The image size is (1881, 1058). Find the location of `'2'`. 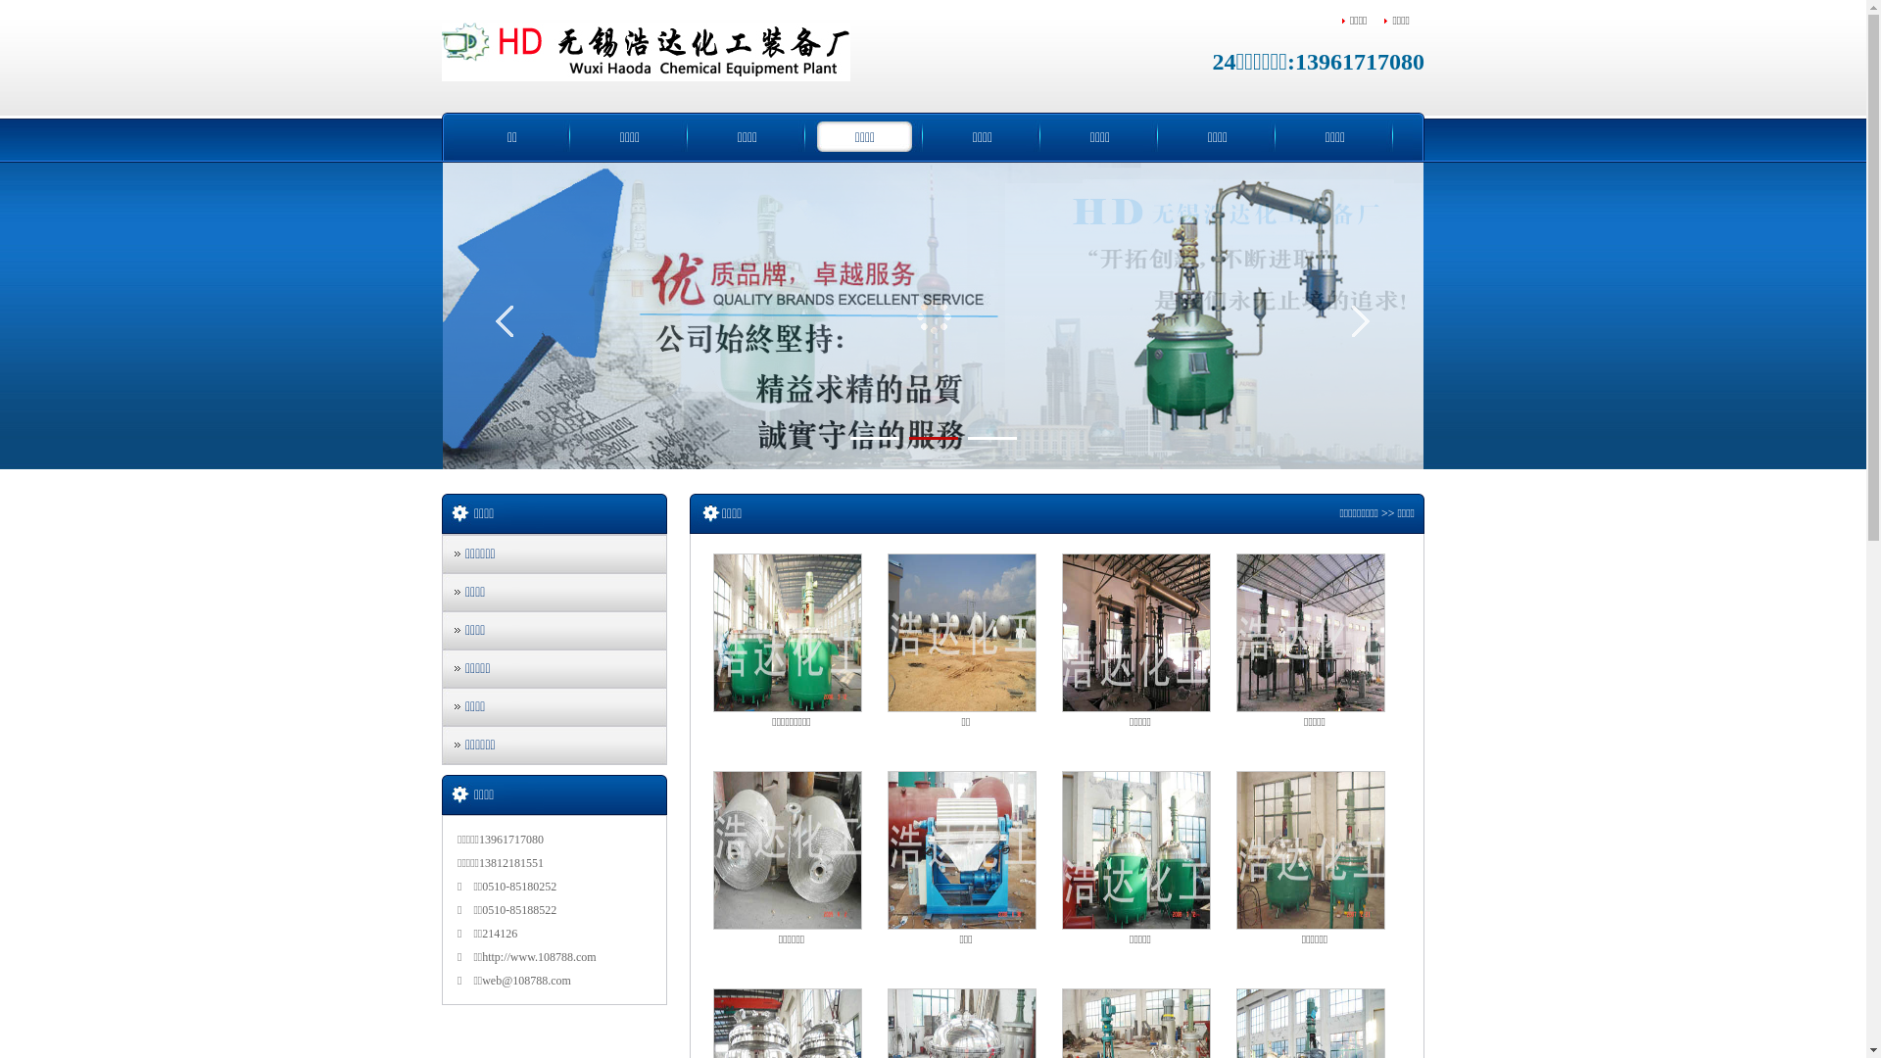

'2' is located at coordinates (933, 437).